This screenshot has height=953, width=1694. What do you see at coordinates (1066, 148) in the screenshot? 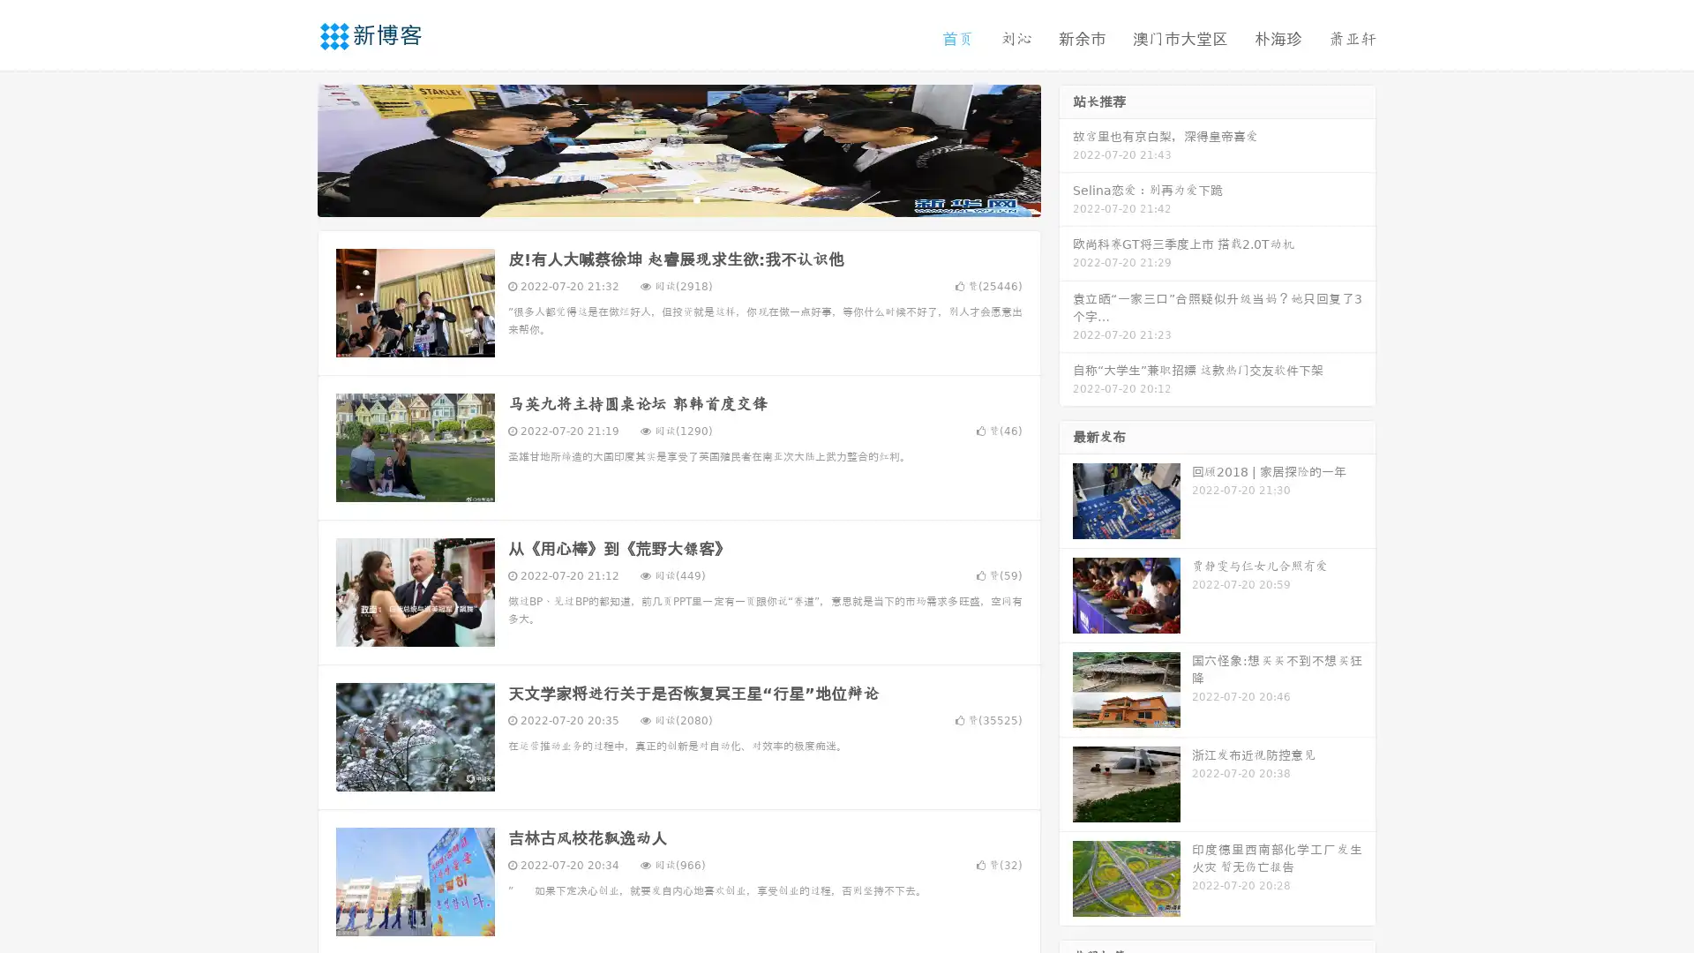
I see `Next slide` at bounding box center [1066, 148].